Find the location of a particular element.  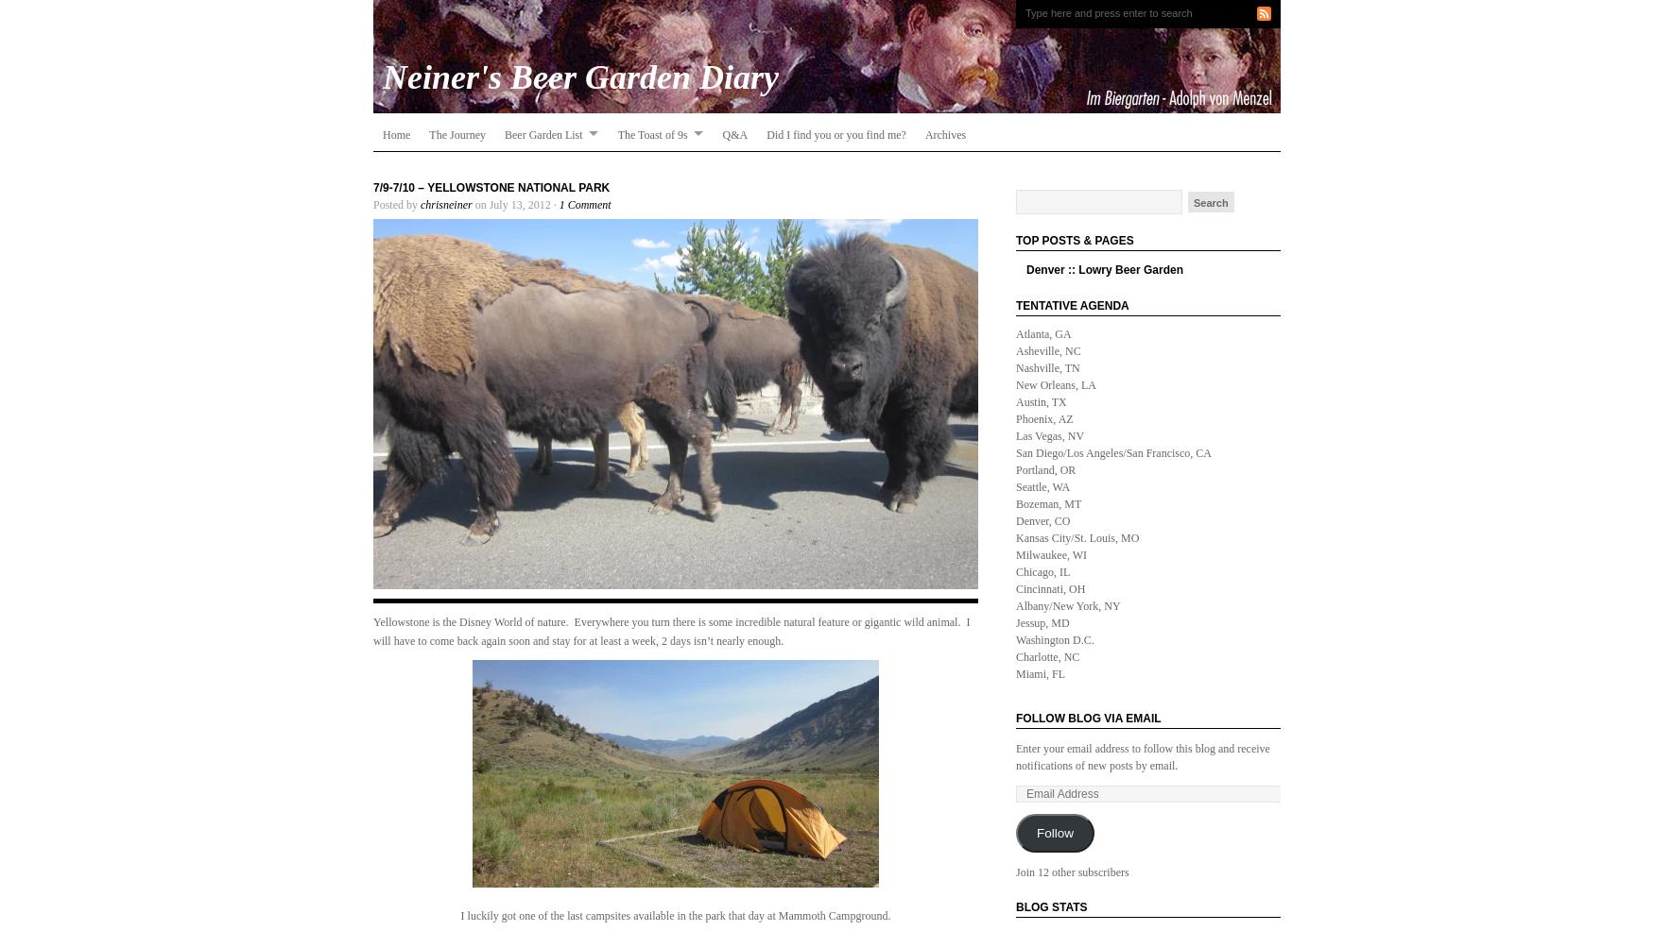

'New Orleans, LA' is located at coordinates (1056, 384).